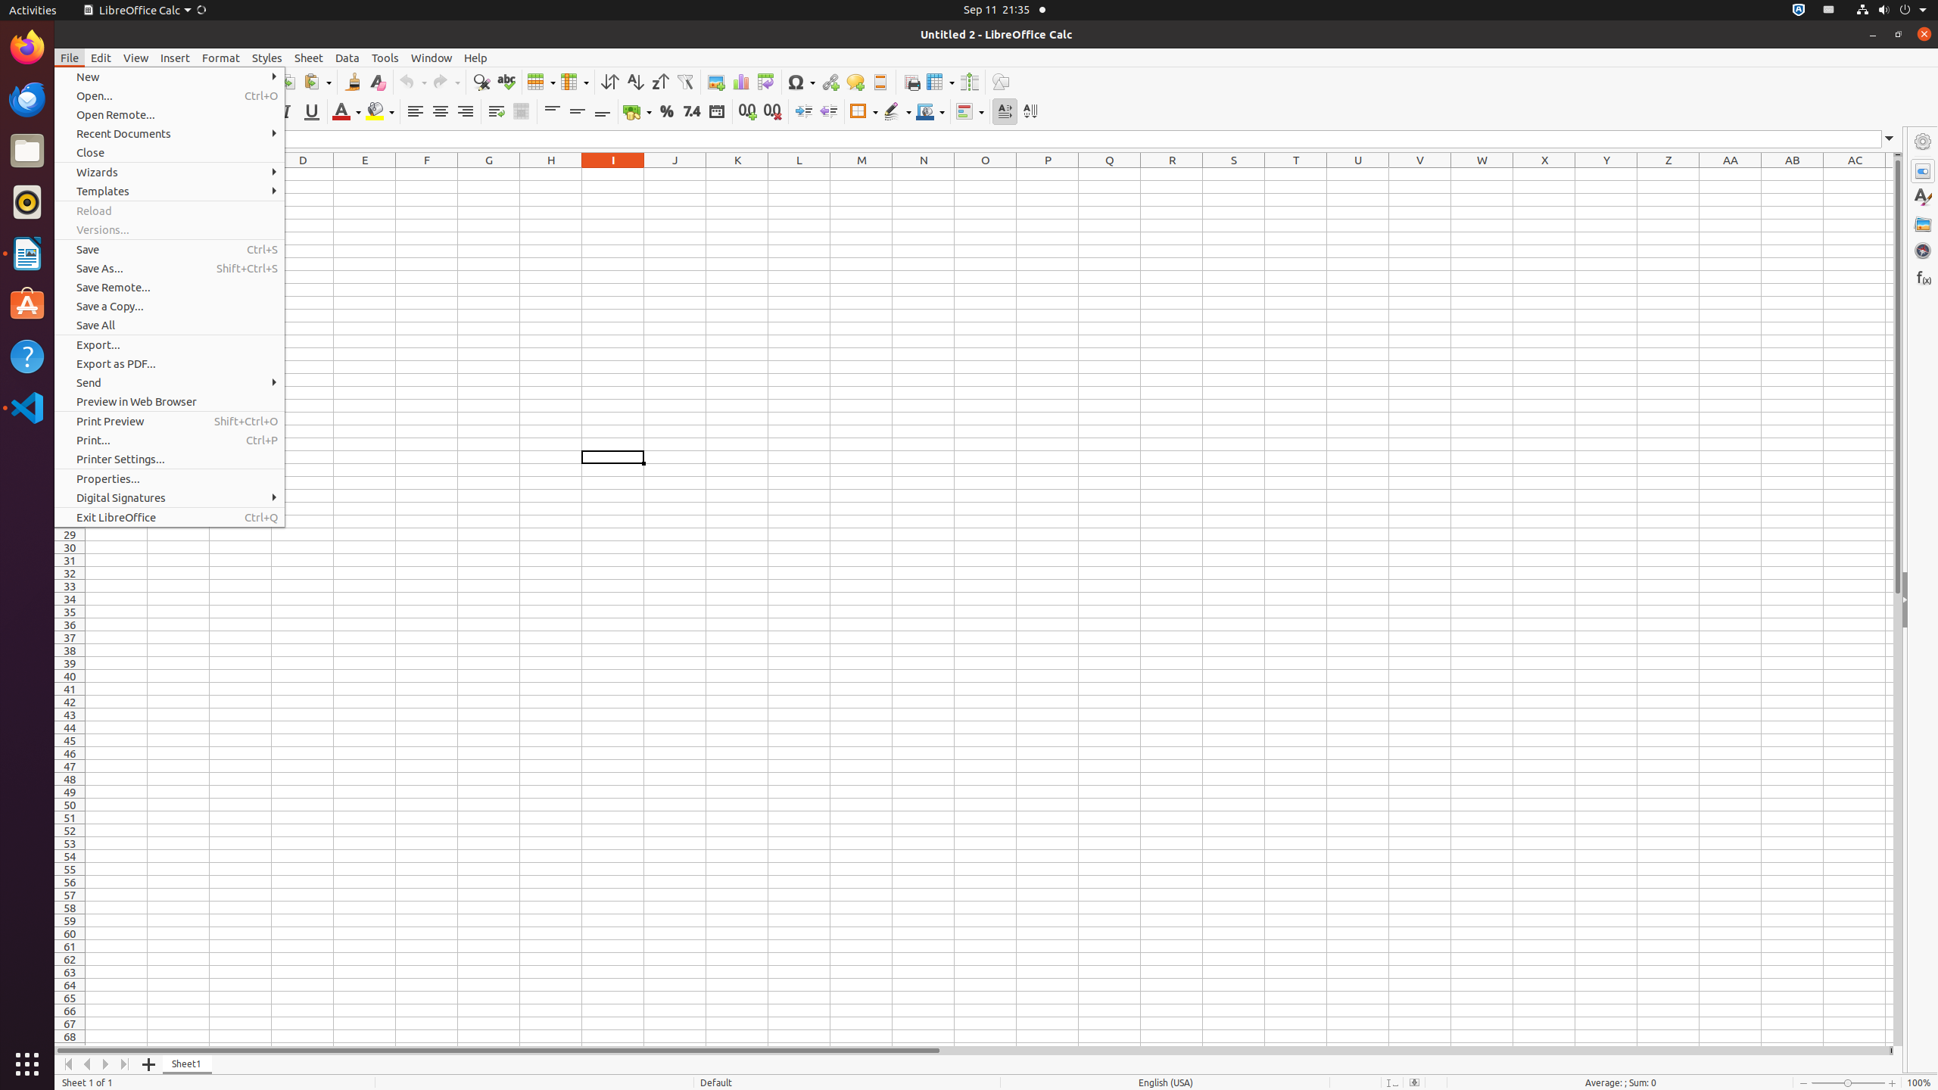 This screenshot has width=1938, height=1090. What do you see at coordinates (1922, 223) in the screenshot?
I see `'Gallery'` at bounding box center [1922, 223].